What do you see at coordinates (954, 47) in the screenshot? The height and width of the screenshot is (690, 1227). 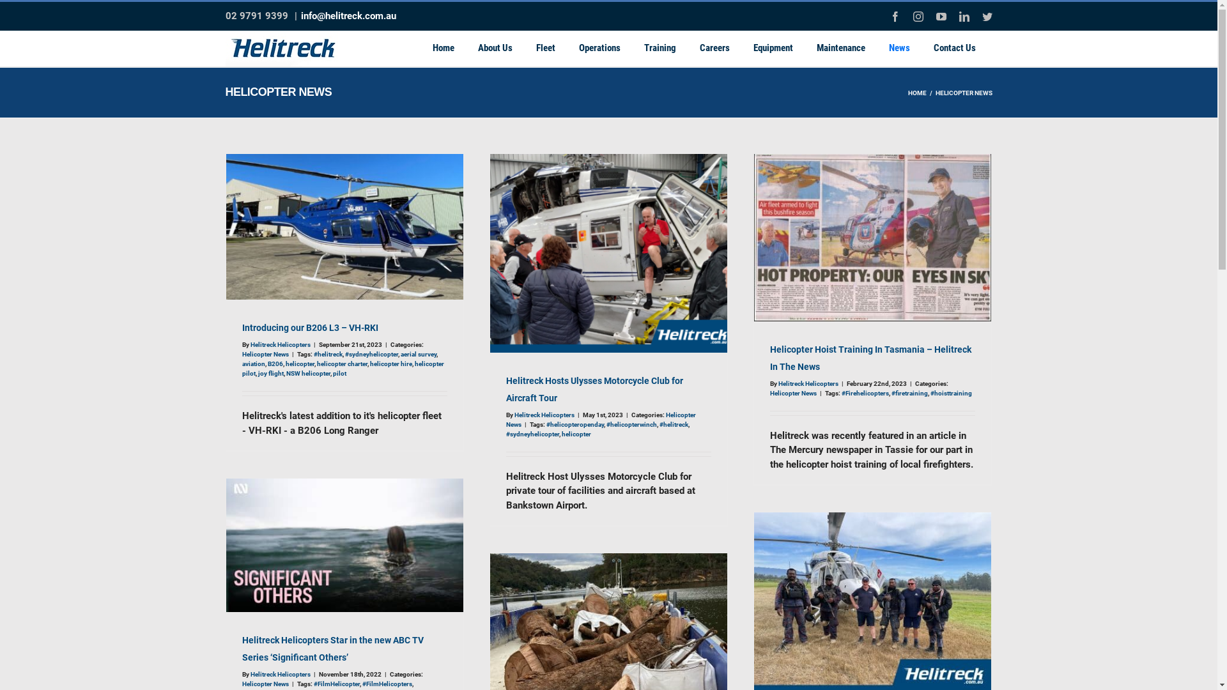 I see `'Contact Us'` at bounding box center [954, 47].